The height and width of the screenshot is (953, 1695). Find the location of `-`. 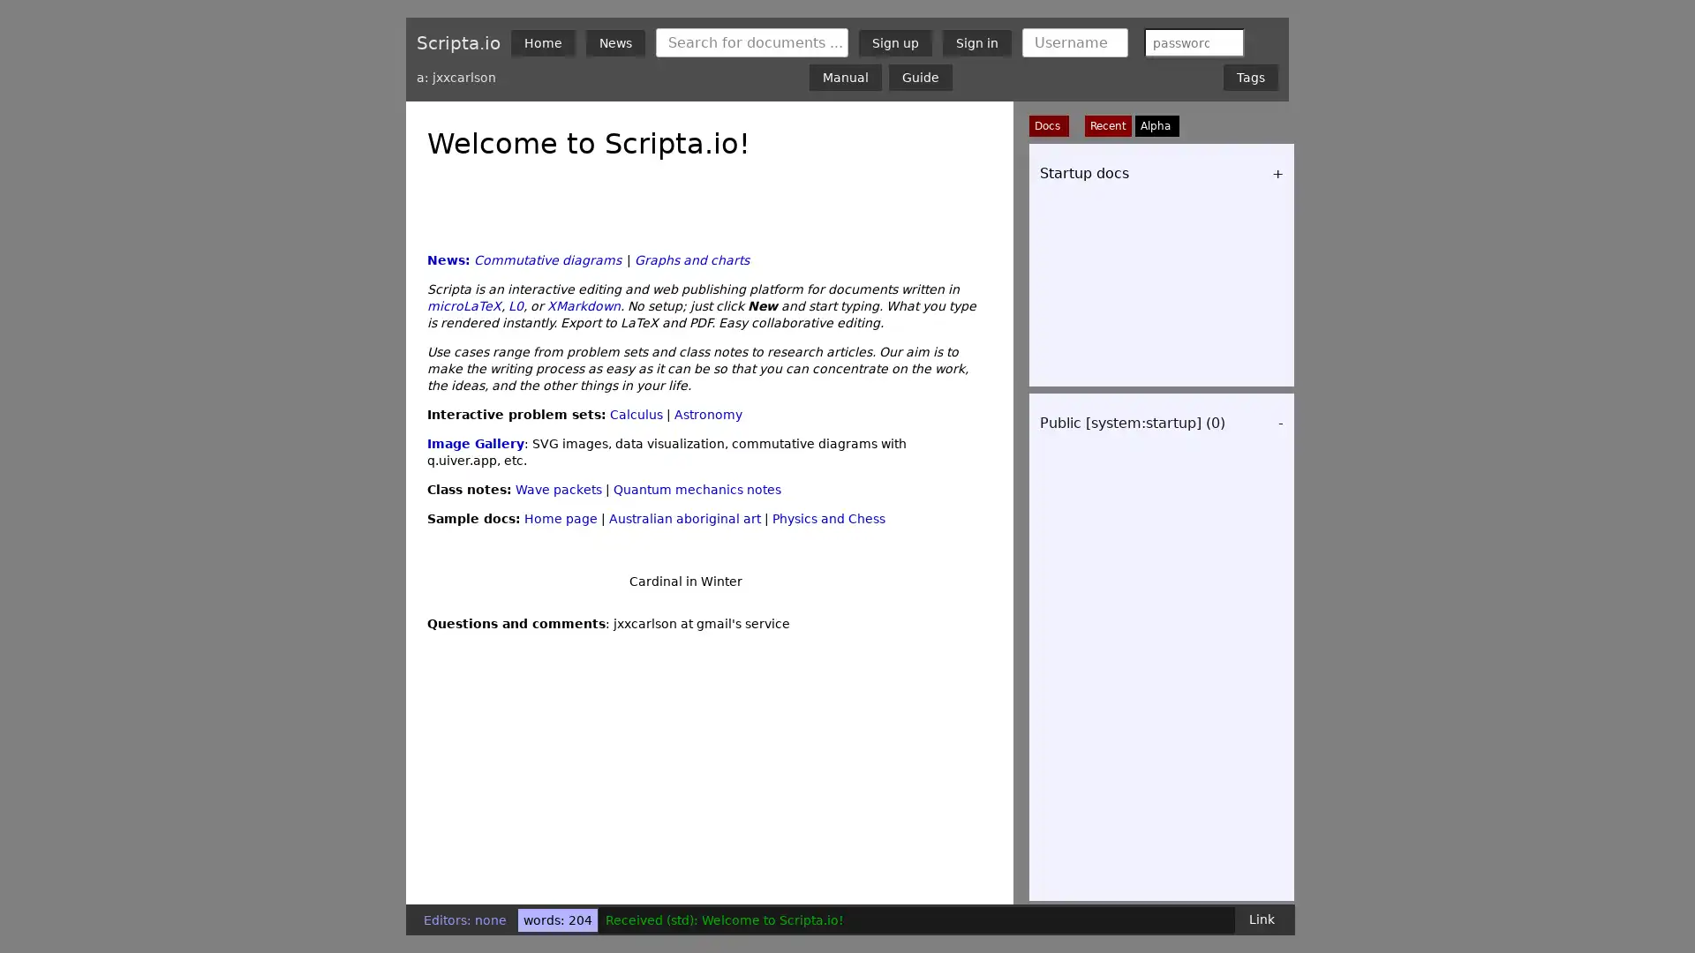

- is located at coordinates (1280, 423).